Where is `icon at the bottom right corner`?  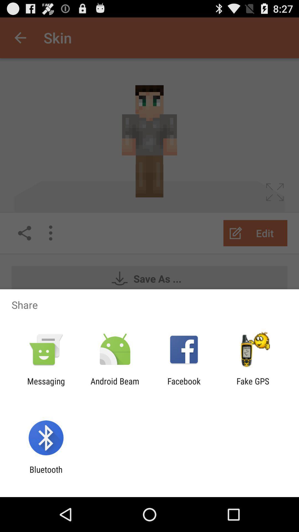
icon at the bottom right corner is located at coordinates (253, 386).